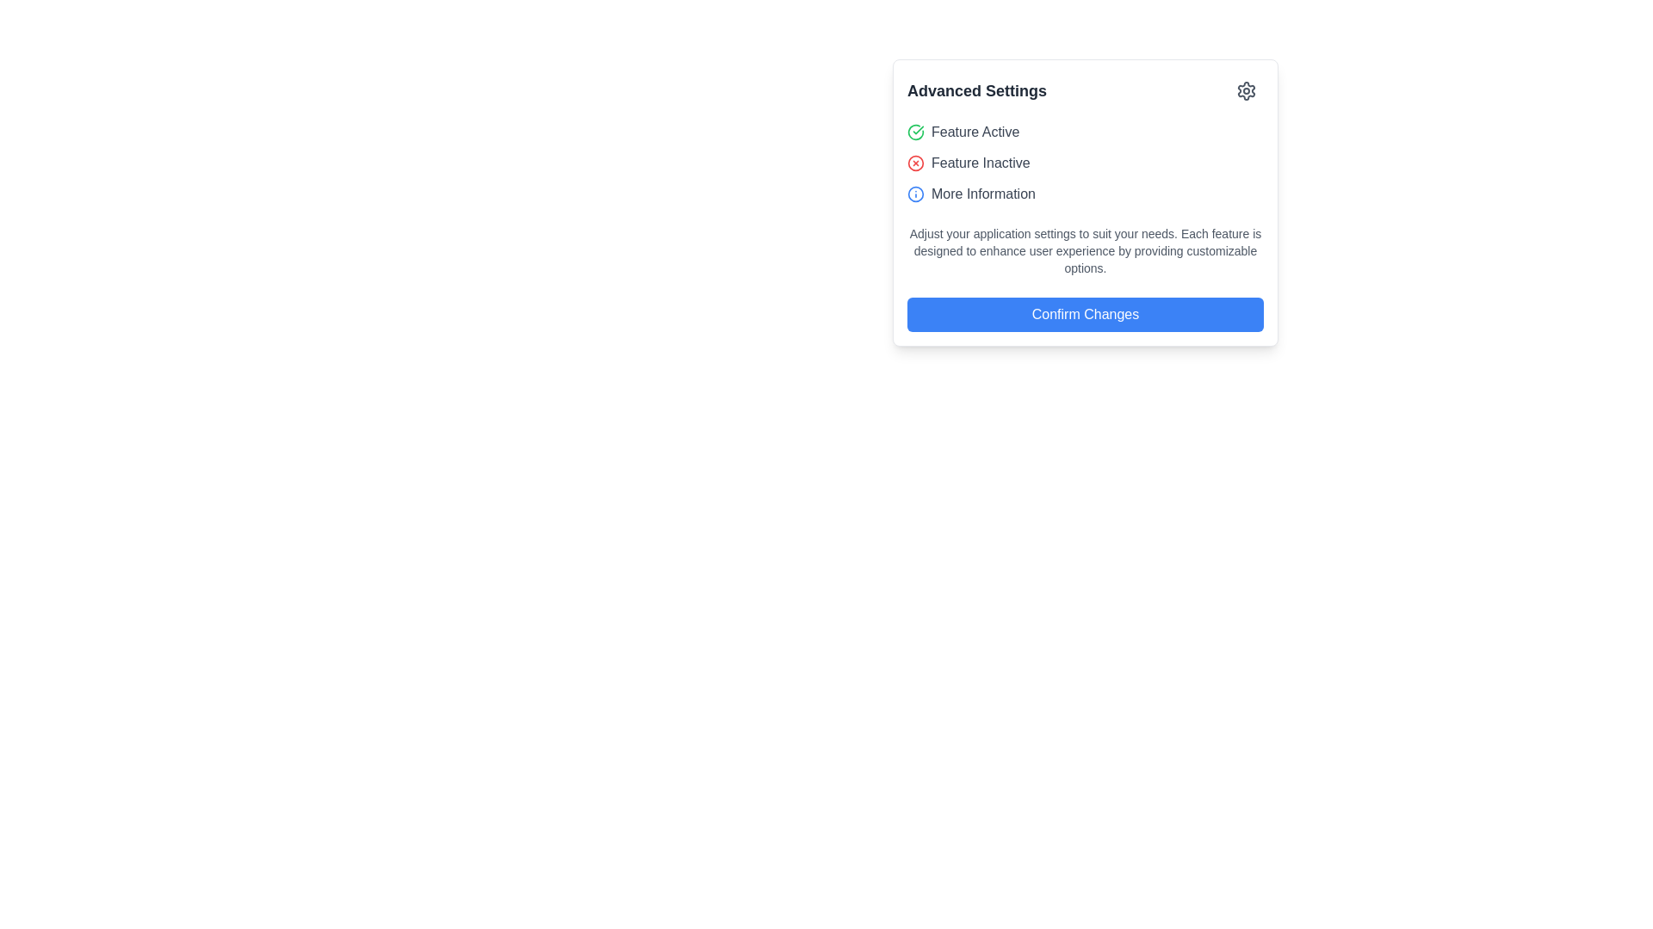 The height and width of the screenshot is (929, 1653). What do you see at coordinates (1247, 90) in the screenshot?
I see `the button located at the top-right corner of the 'Advanced Settings' panel` at bounding box center [1247, 90].